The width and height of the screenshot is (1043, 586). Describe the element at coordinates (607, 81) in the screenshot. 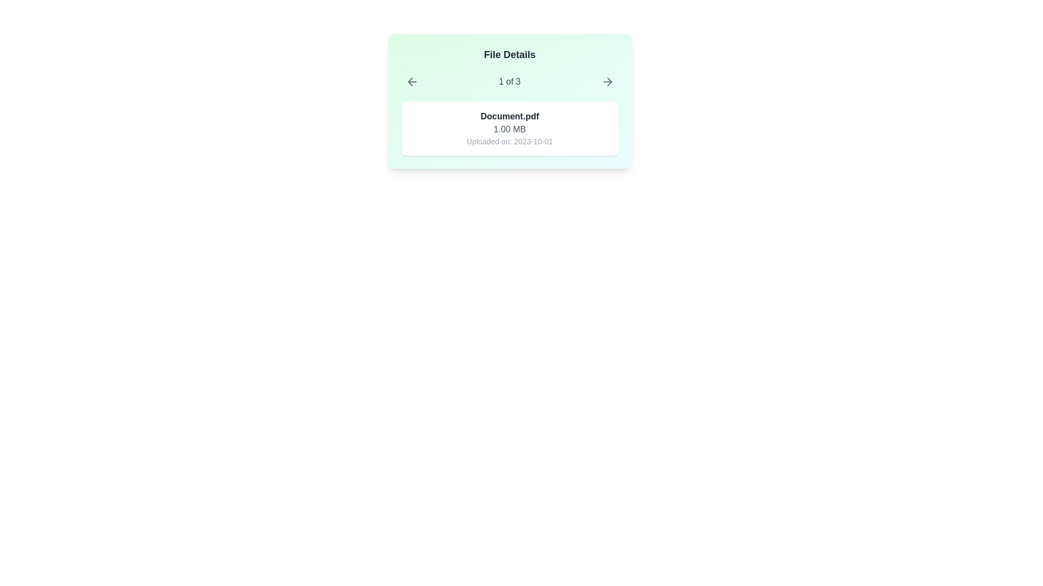

I see `the arrow icon button located in the top-right section of the card-like component, which is minimalistic with a gray color tone` at that location.